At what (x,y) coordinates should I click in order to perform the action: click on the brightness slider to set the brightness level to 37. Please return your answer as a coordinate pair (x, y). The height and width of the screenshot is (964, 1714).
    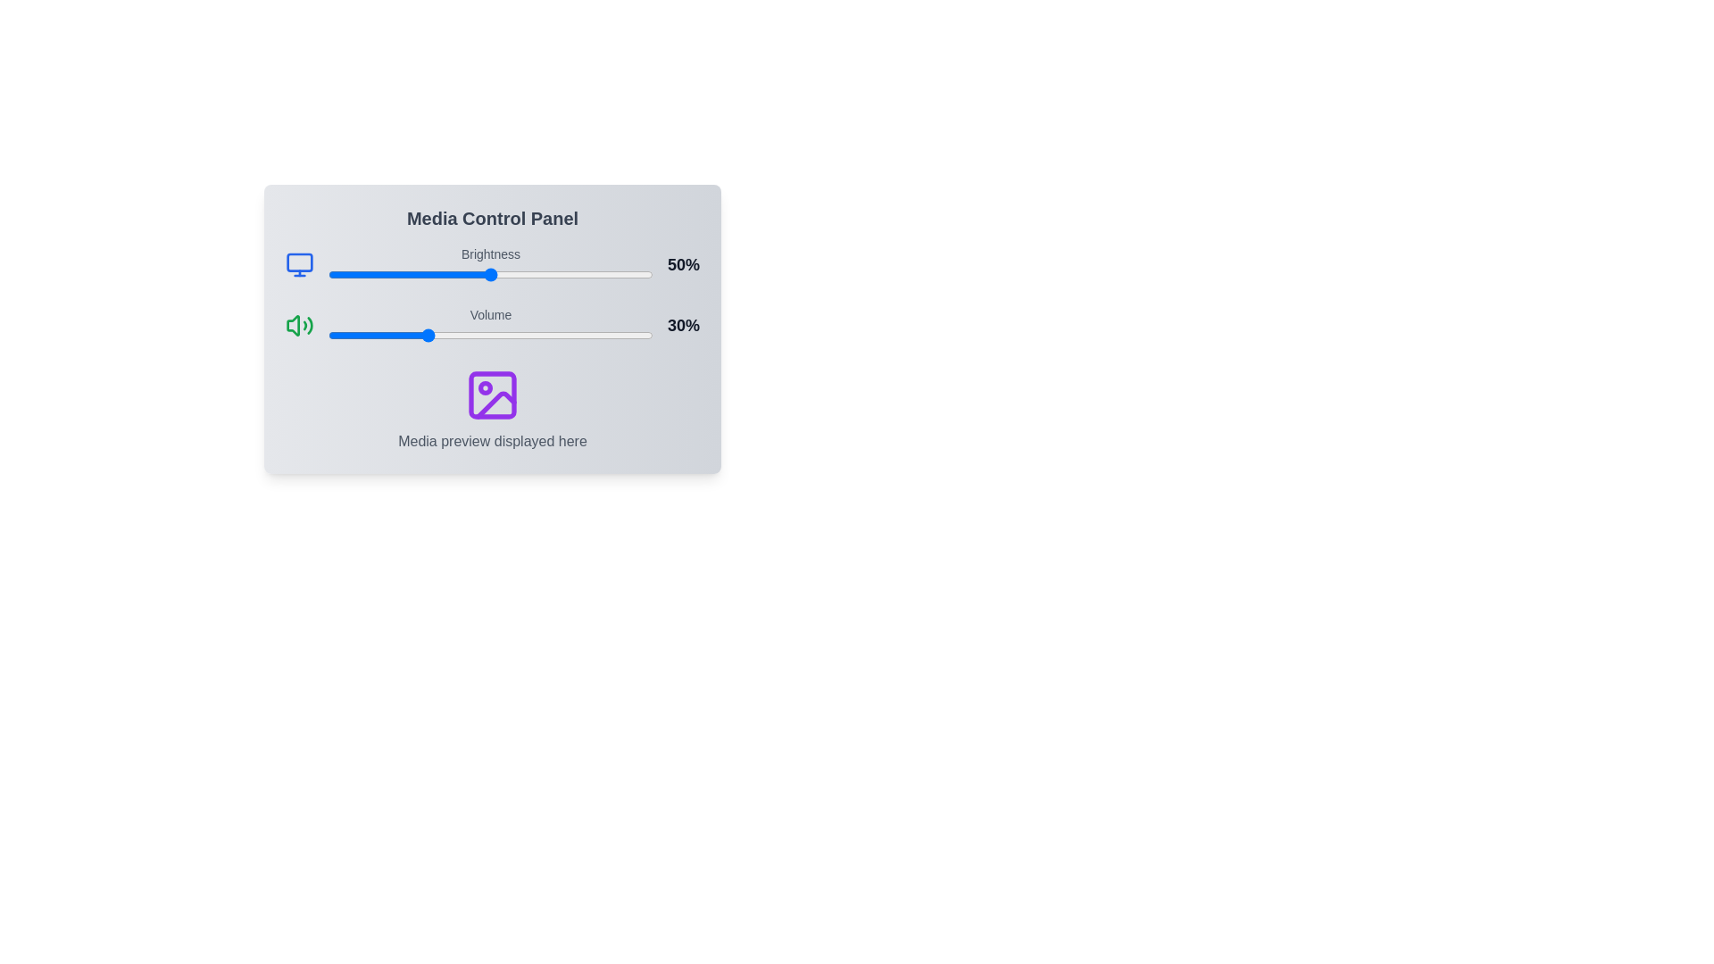
    Looking at the image, I should click on (448, 275).